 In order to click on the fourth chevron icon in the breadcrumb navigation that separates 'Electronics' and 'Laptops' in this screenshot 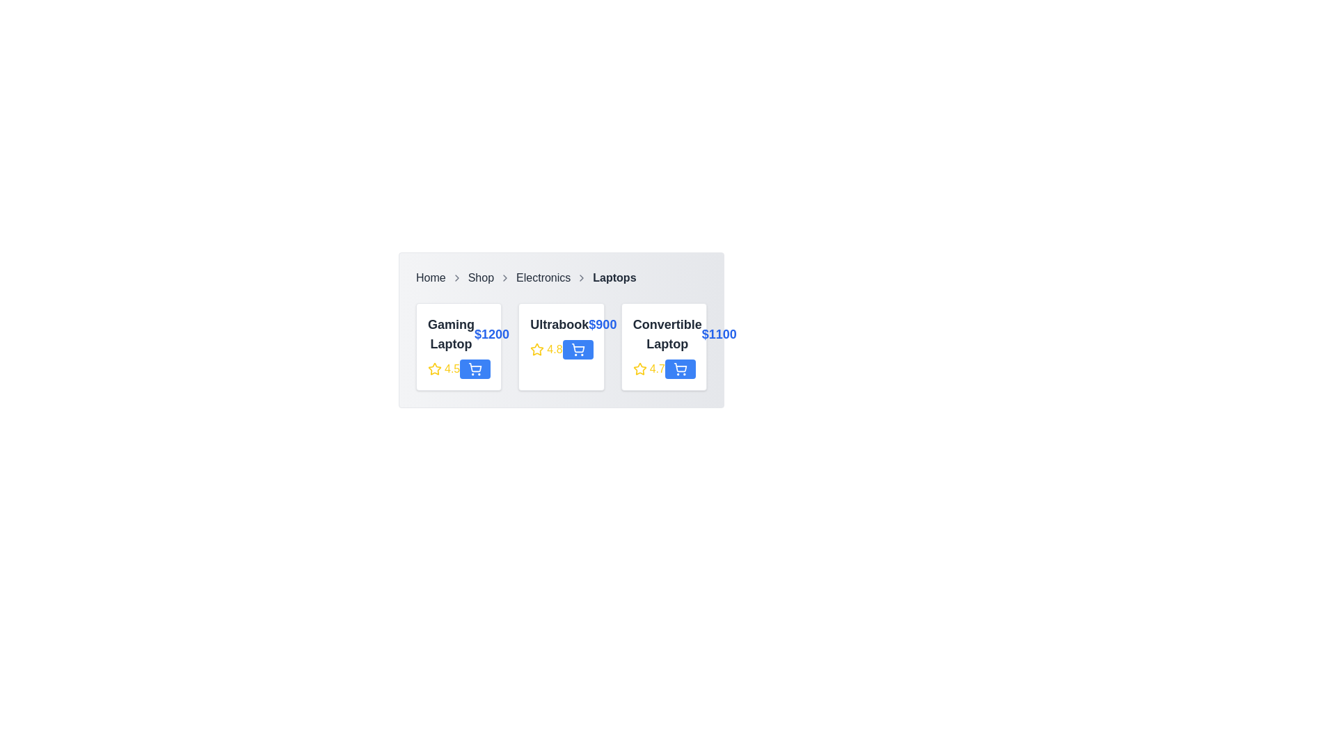, I will do `click(582, 278)`.